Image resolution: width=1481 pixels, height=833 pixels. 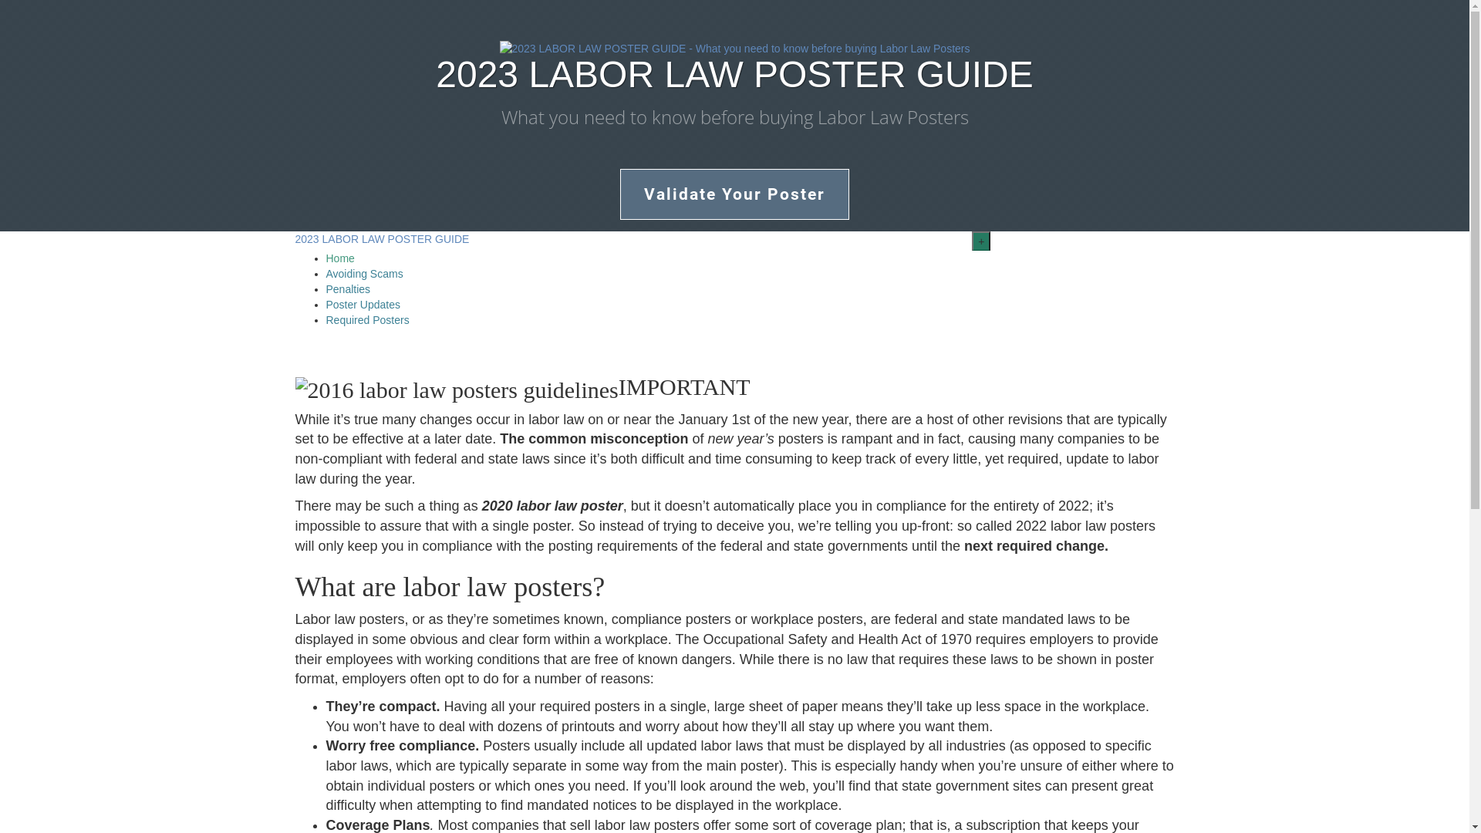 What do you see at coordinates (970, 241) in the screenshot?
I see `'+'` at bounding box center [970, 241].